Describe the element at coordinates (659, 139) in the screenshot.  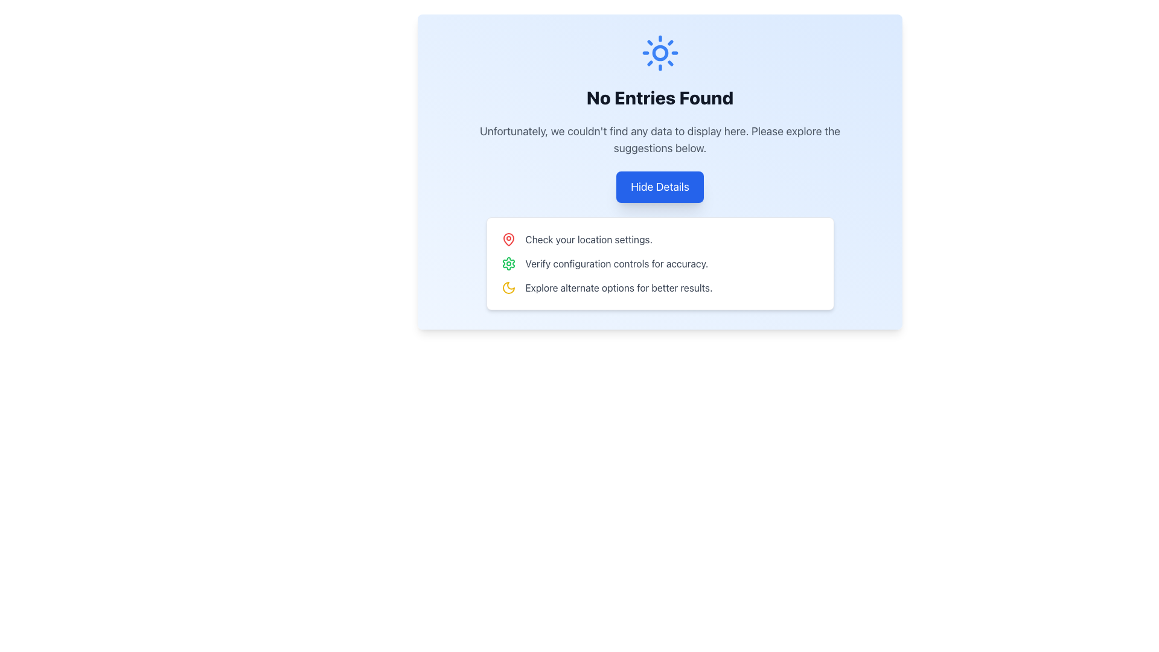
I see `text displayed in the centered text component that says 'Unfortunately, we couldn't find any data to display here. Please explore the suggestions below.'` at that location.